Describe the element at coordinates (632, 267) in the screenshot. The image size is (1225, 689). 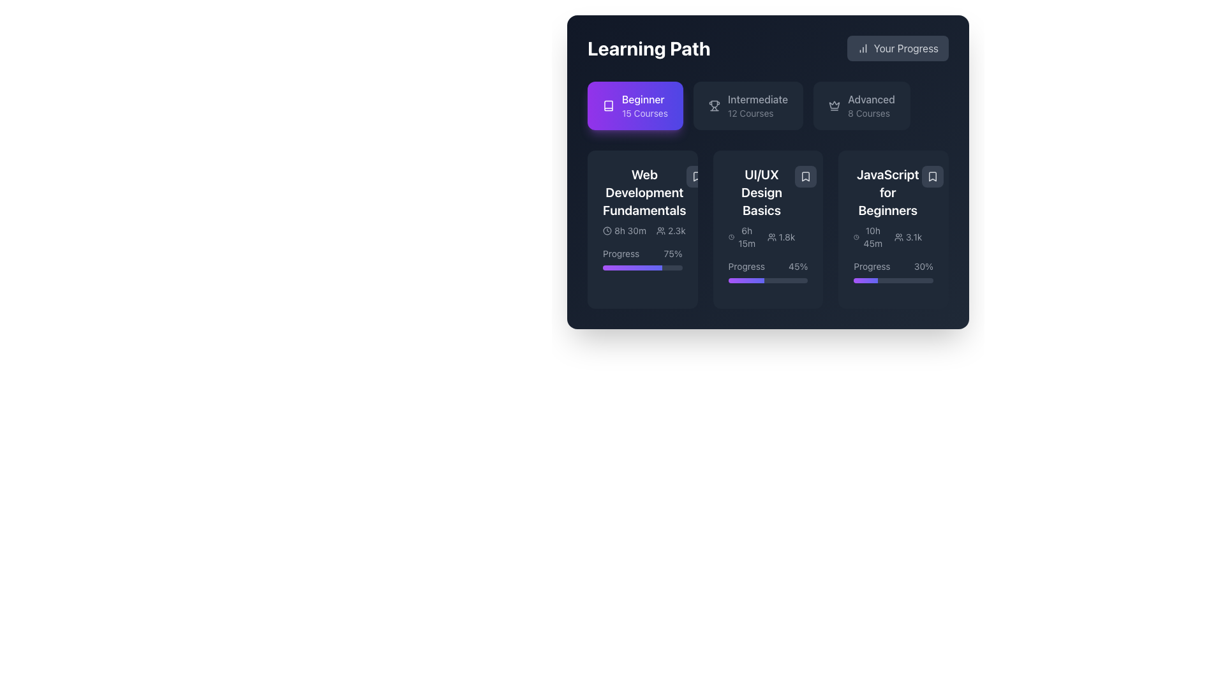
I see `the progress bar segment styled with a gradient transitioning from purple to indigo, indicating a value of 75% within the 'Web Development Fundamentals' card` at that location.